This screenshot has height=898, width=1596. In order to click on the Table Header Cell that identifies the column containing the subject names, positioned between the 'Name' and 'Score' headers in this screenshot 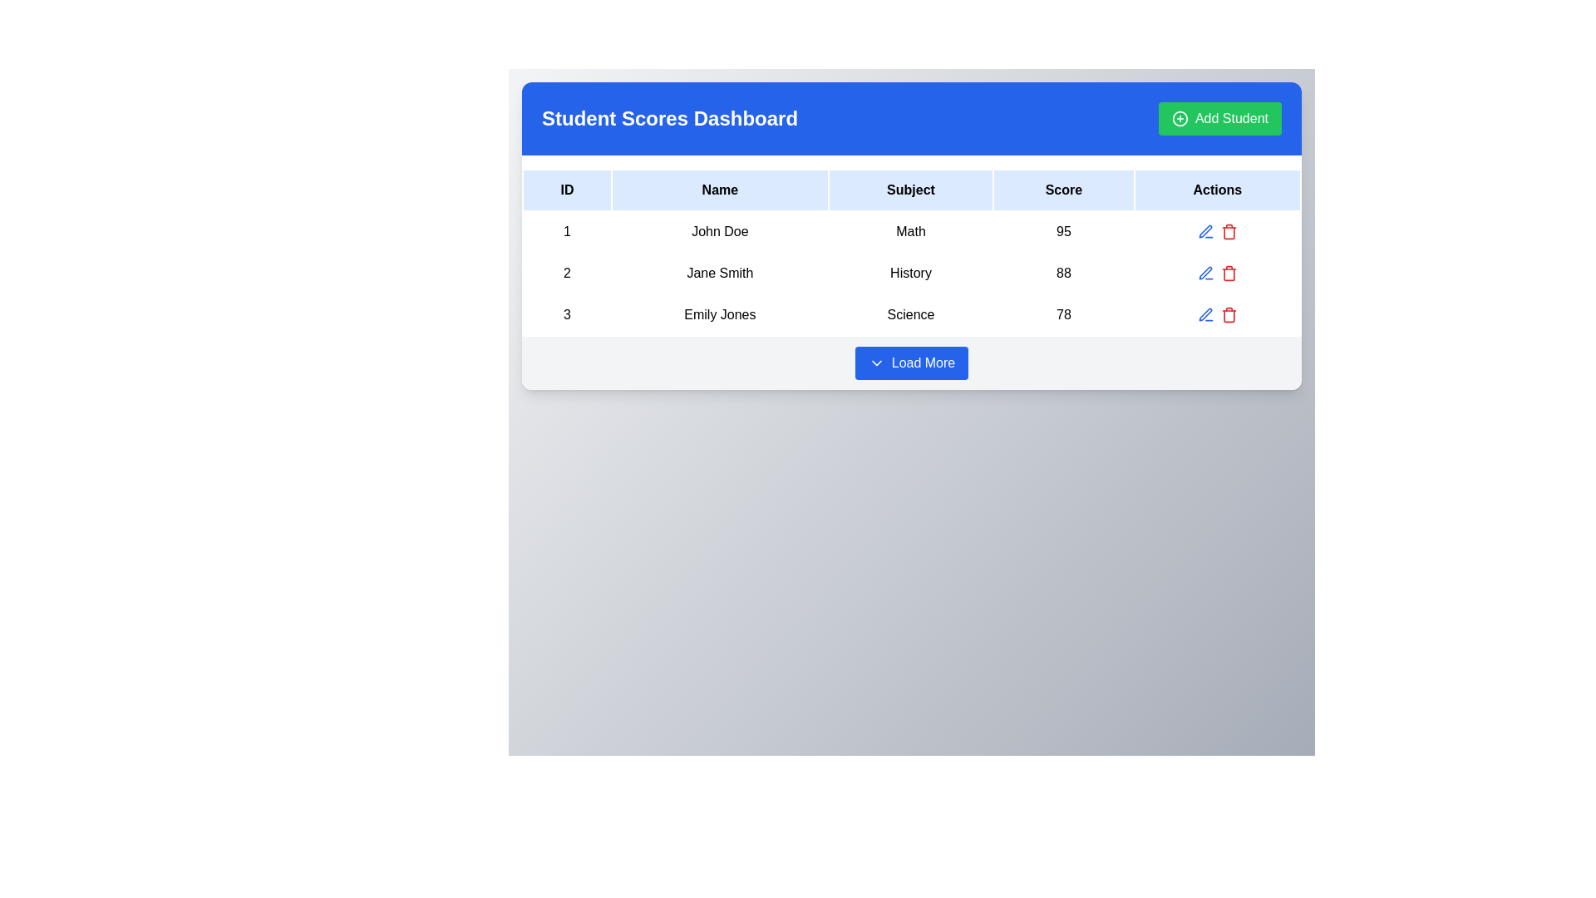, I will do `click(909, 189)`.